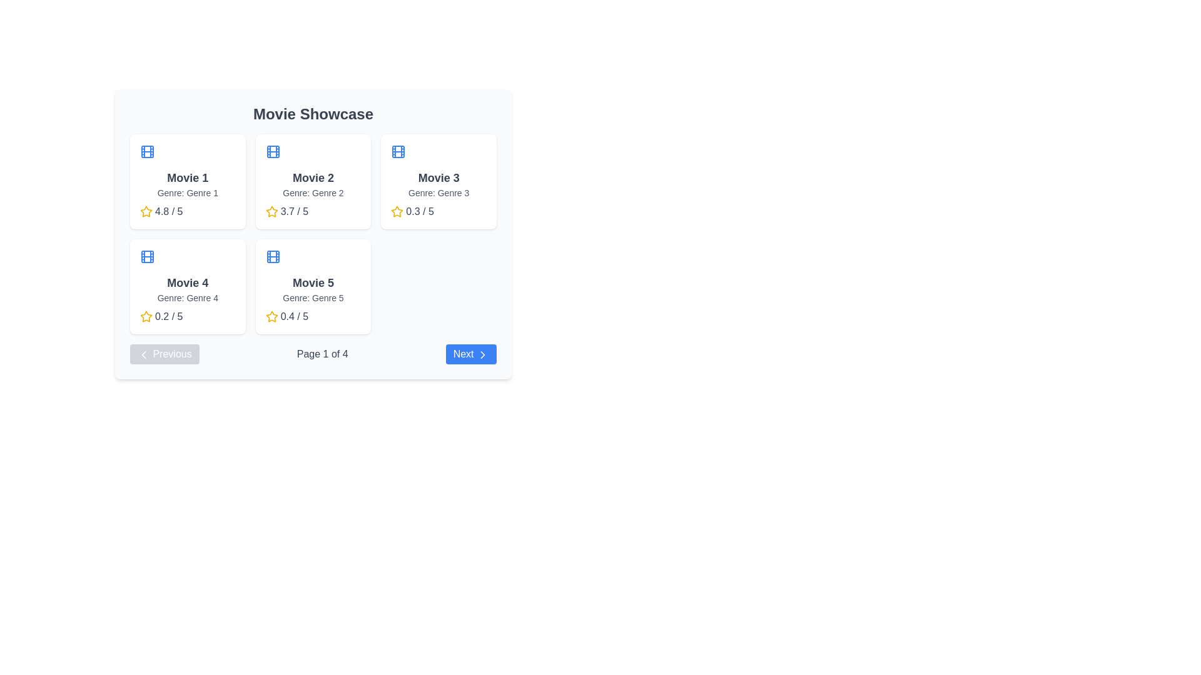  I want to click on the blue film icon in modern line art style located at the top-left corner of the 'Movie 5' card, so click(272, 256).